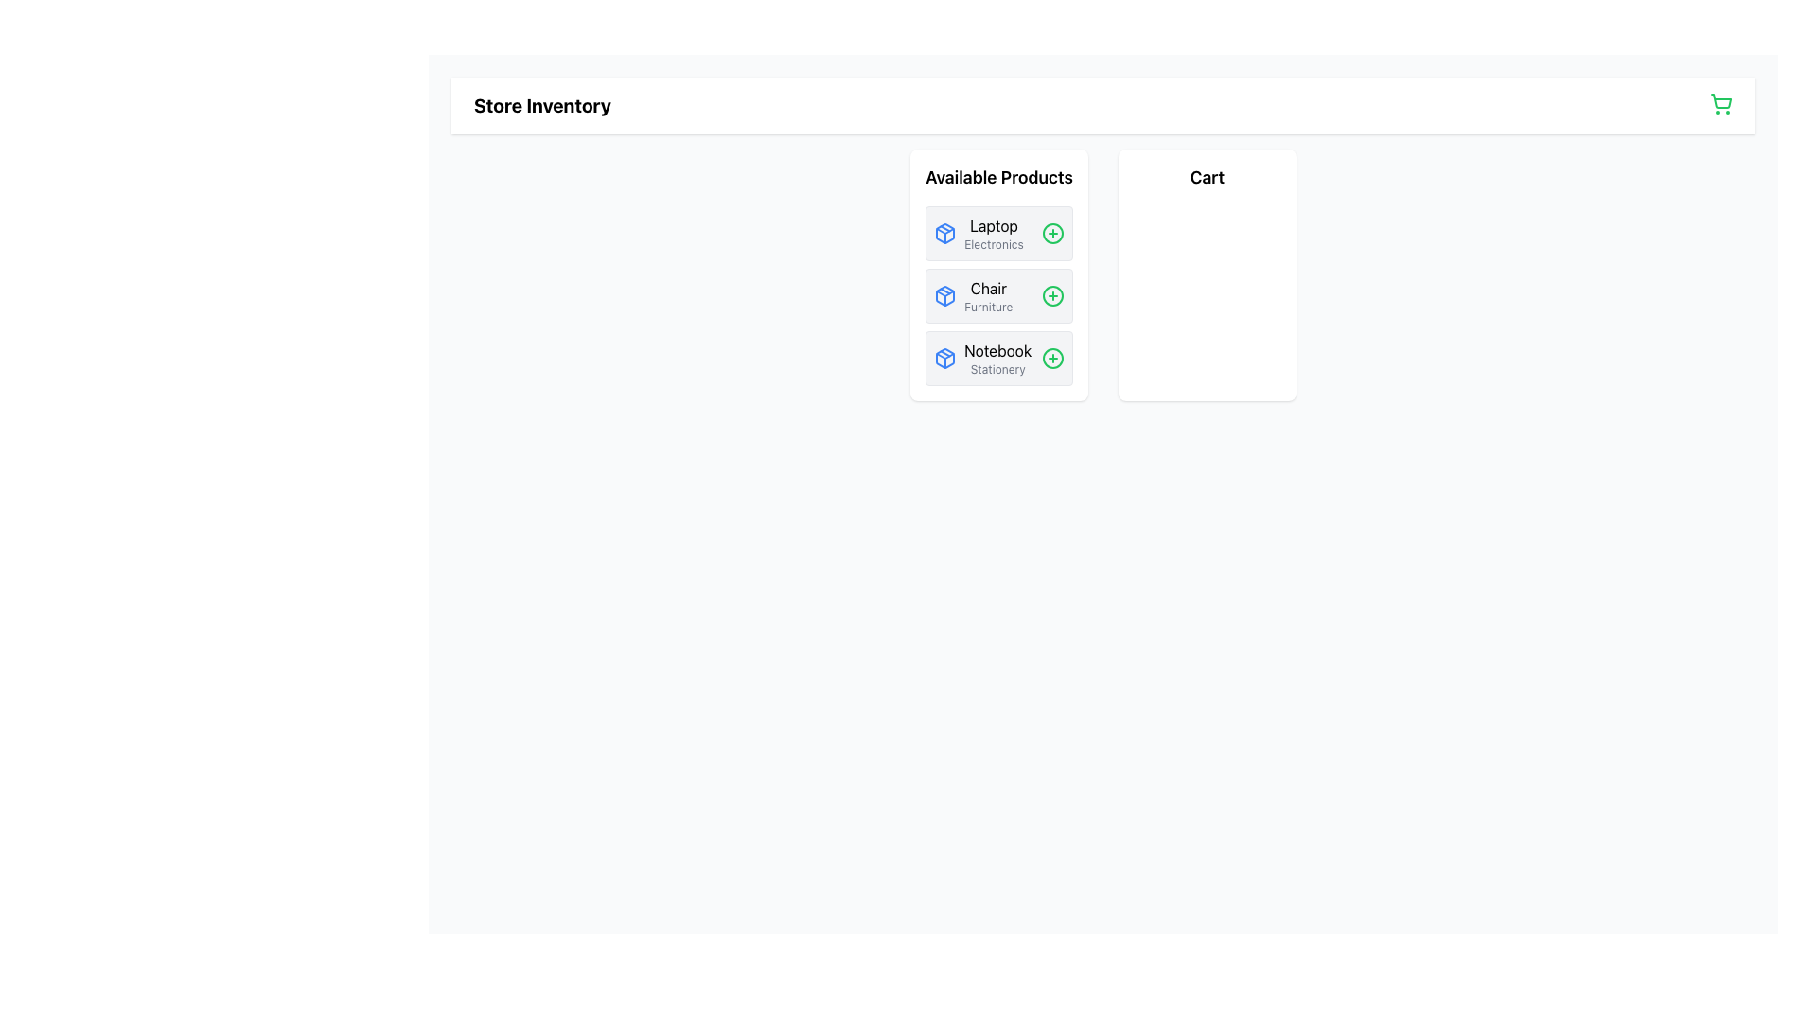  I want to click on the box icon representing the 'Chair' product in the 'Available Products' section, which is the second entry in the list, so click(945, 295).